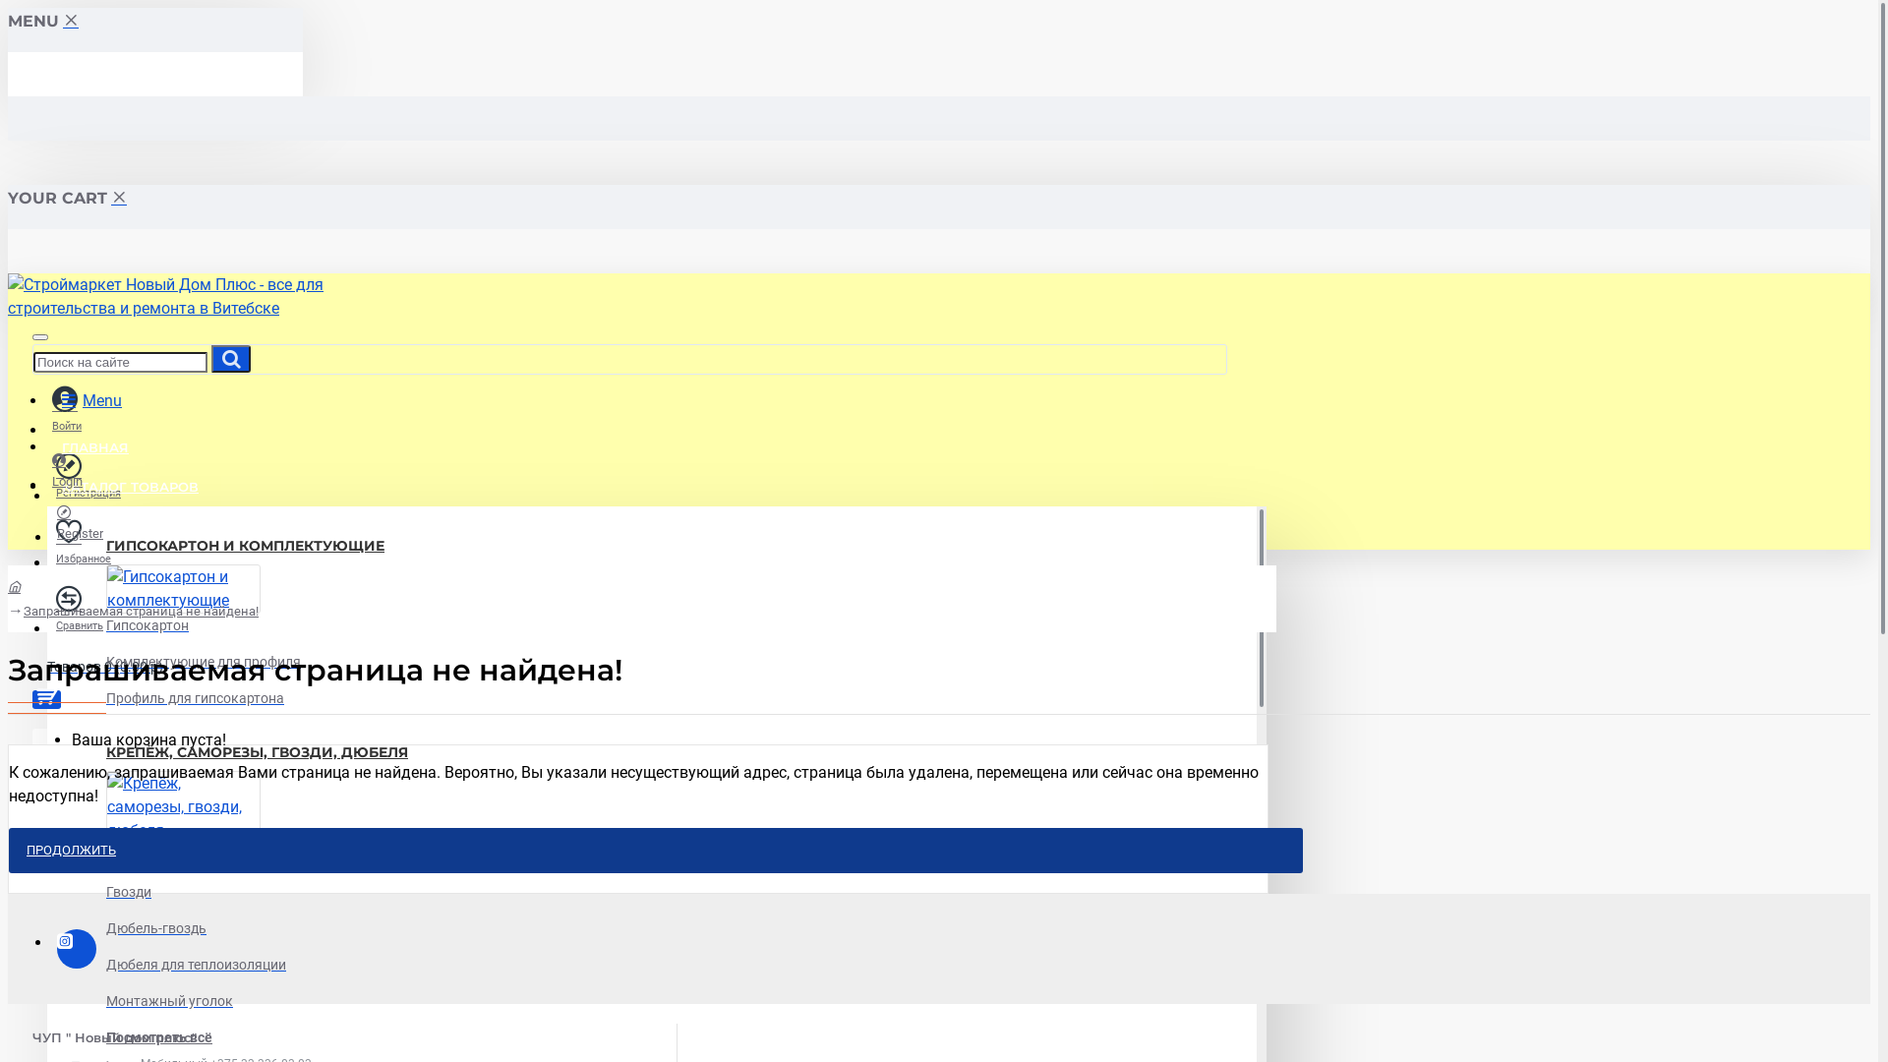  What do you see at coordinates (90, 399) in the screenshot?
I see `'Menu'` at bounding box center [90, 399].